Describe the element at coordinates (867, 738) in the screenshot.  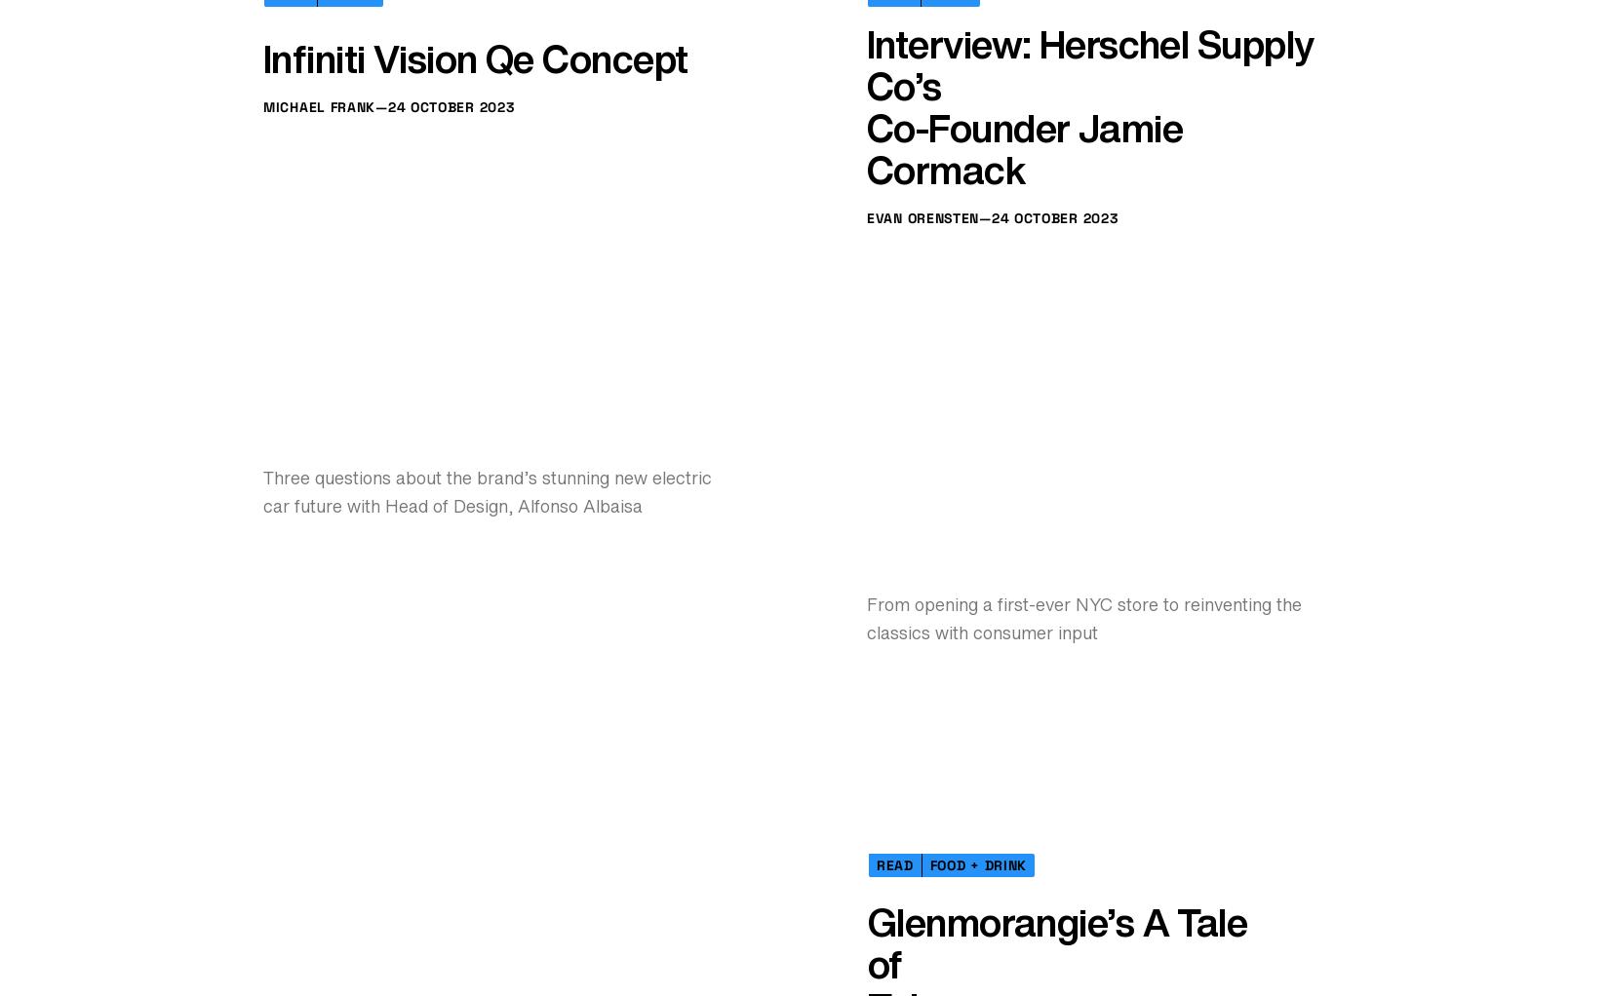
I see `'Co-Founder Jamie Cormack'` at that location.